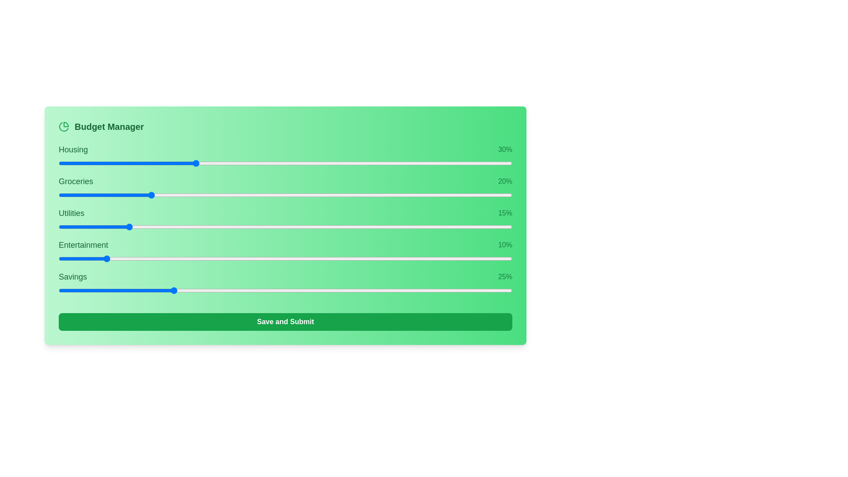 The width and height of the screenshot is (848, 477). What do you see at coordinates (389, 258) in the screenshot?
I see `the slider for 3 to 46% allocation` at bounding box center [389, 258].